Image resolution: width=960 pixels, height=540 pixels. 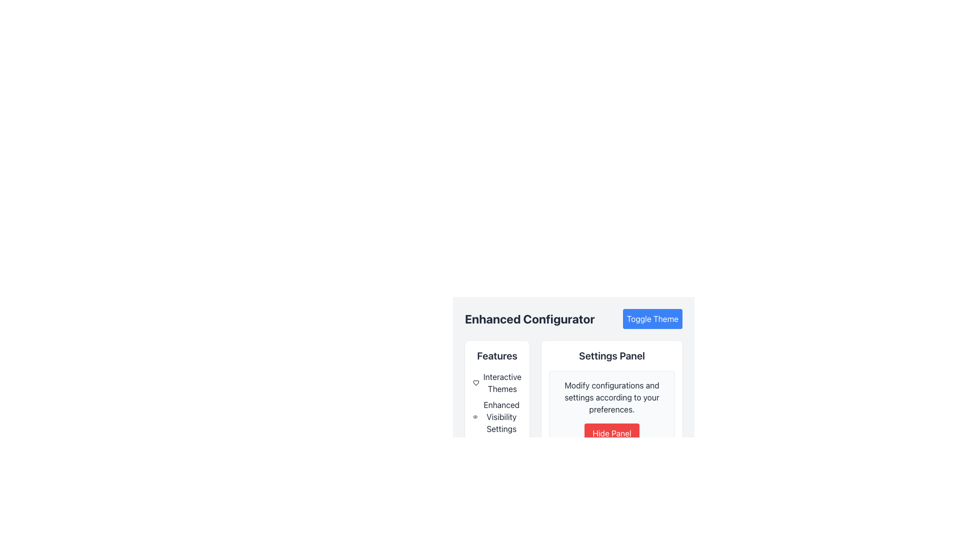 I want to click on the second option in the 'Features' section related to visibility settings, located beneath 'Interactive Themes' and above 'Notifications Toggle.', so click(x=497, y=416).